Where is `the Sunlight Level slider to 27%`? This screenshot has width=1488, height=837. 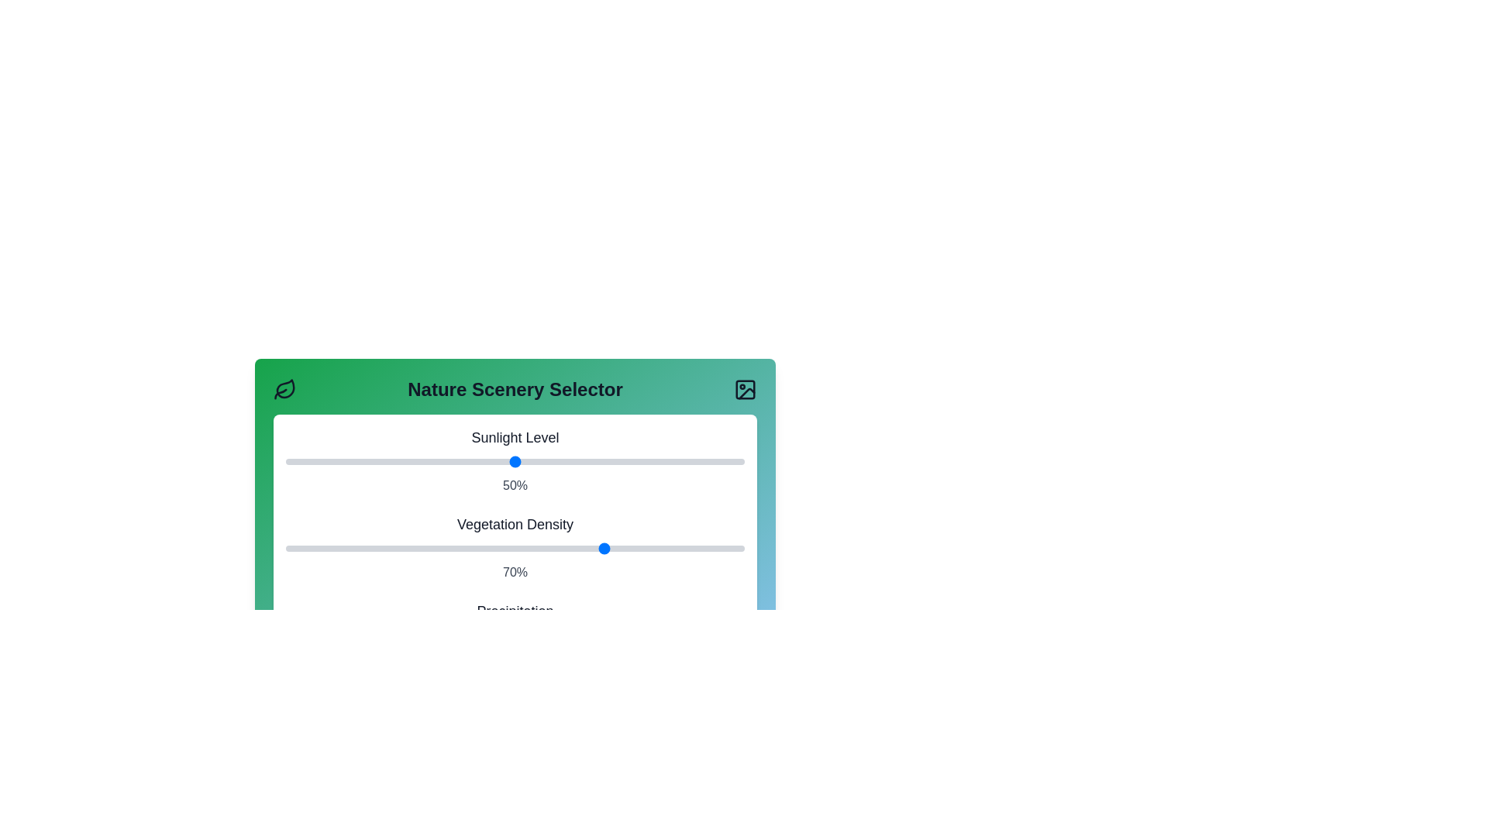
the Sunlight Level slider to 27% is located at coordinates (409, 461).